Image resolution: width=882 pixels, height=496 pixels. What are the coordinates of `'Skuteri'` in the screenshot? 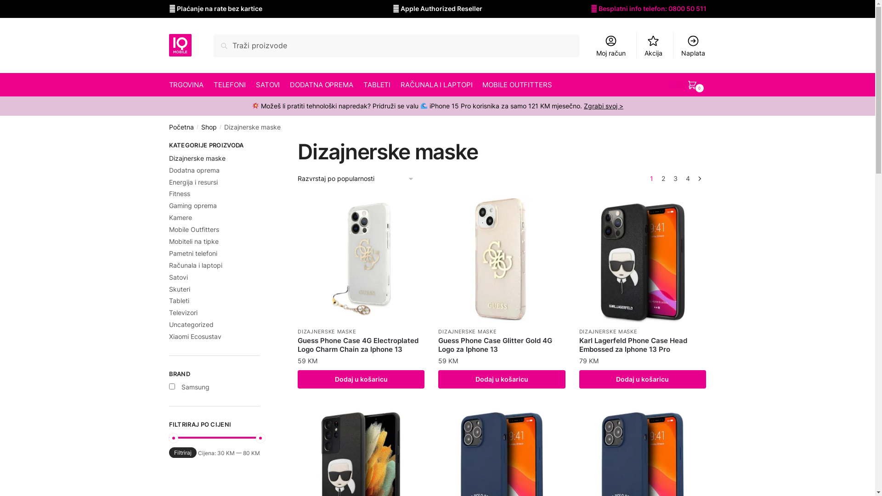 It's located at (179, 288).